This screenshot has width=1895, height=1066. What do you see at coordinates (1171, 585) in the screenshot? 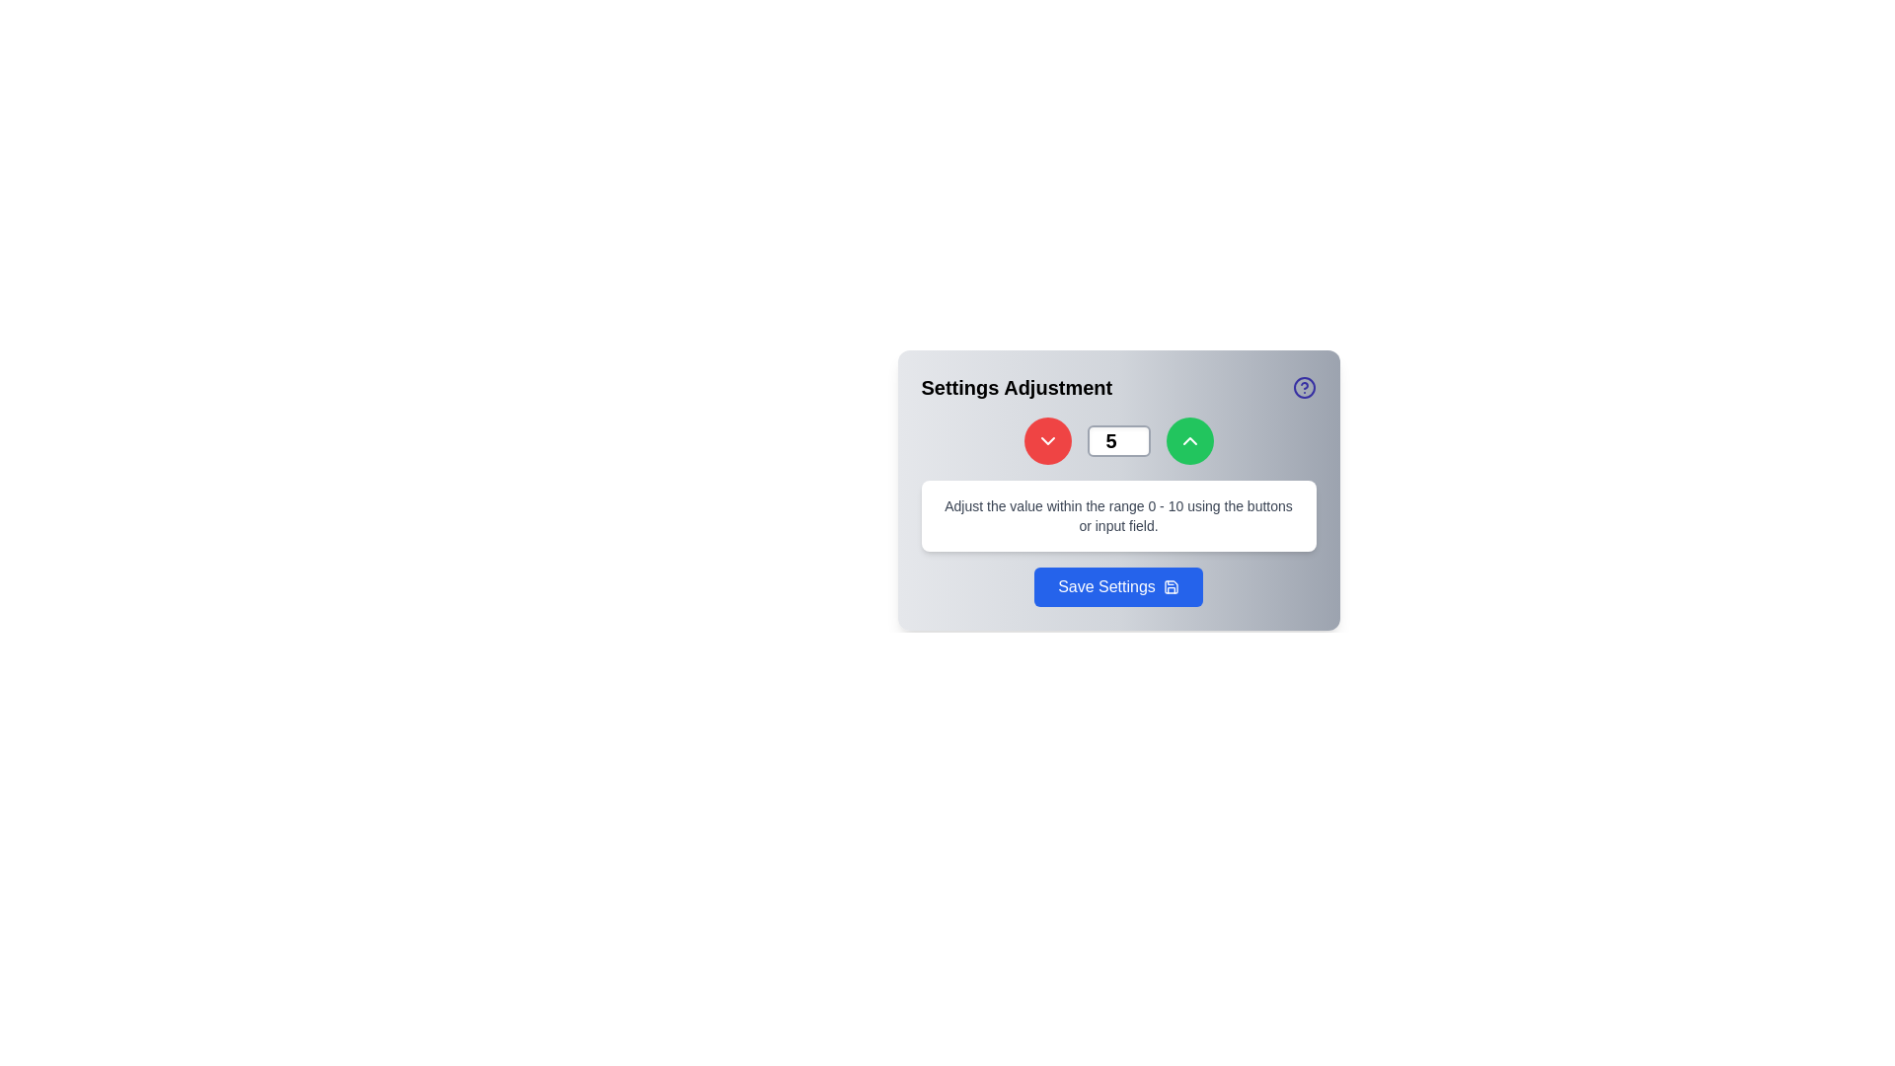
I see `the save icon located to the right of the 'Save Settings' button within the modal interface` at bounding box center [1171, 585].